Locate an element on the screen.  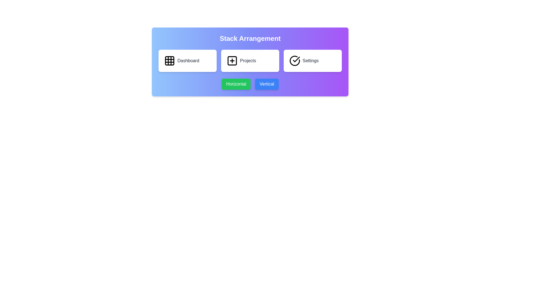
the background rectangle of the plus icon within the Projects card located at the top center of the interface, specifically in the second of three horizontally aligned sections is located at coordinates (232, 61).